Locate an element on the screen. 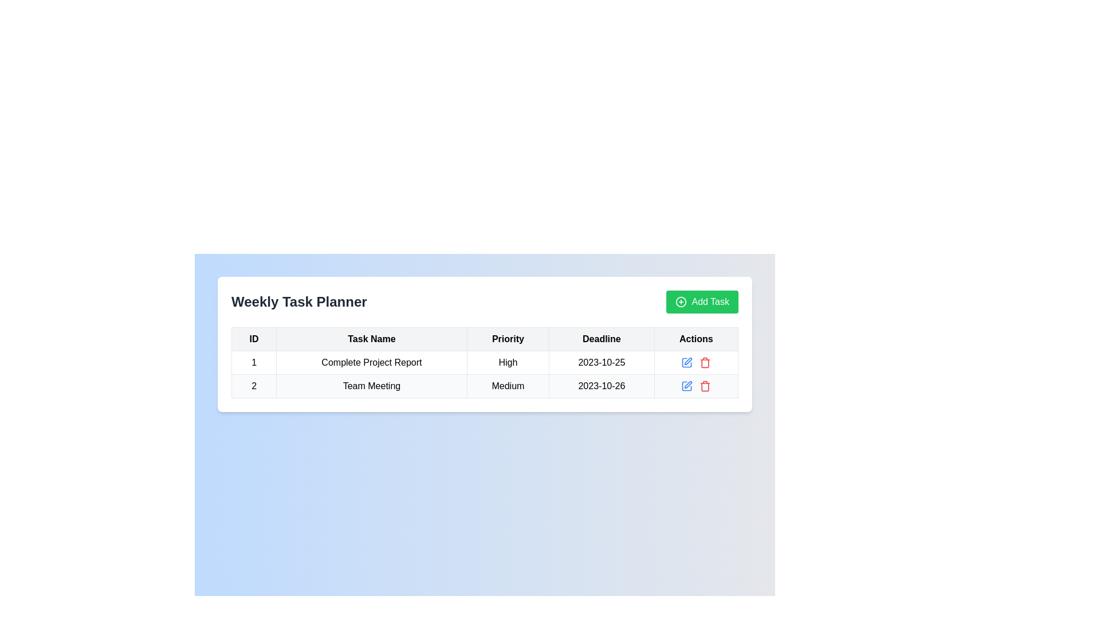  the Table Header Cell that serves as the header for the 'Actions' column, located in the top row of the table layout is located at coordinates (696, 338).